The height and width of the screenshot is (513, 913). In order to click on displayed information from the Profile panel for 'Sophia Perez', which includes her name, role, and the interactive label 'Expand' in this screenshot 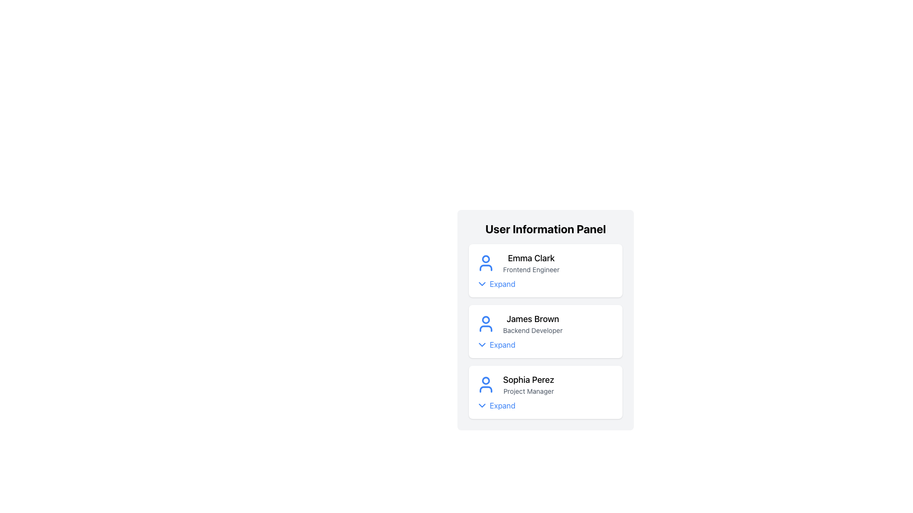, I will do `click(545, 392)`.